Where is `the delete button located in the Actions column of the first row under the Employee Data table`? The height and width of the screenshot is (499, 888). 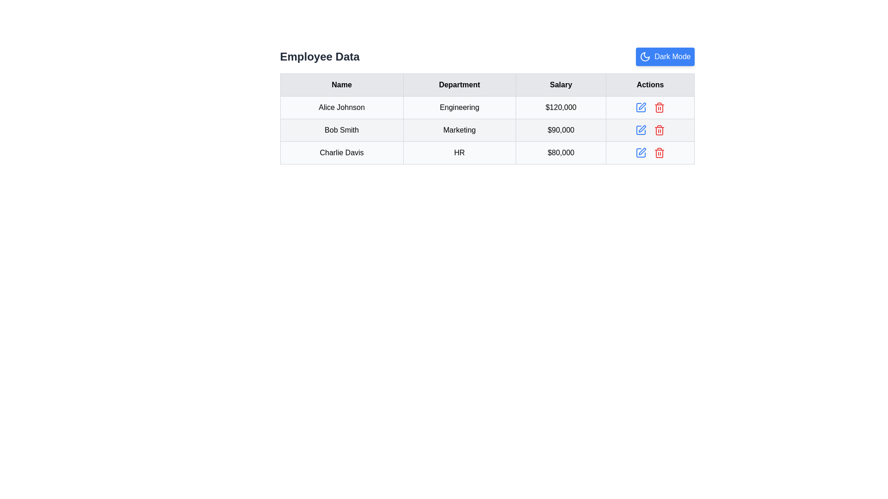 the delete button located in the Actions column of the first row under the Employee Data table is located at coordinates (659, 107).